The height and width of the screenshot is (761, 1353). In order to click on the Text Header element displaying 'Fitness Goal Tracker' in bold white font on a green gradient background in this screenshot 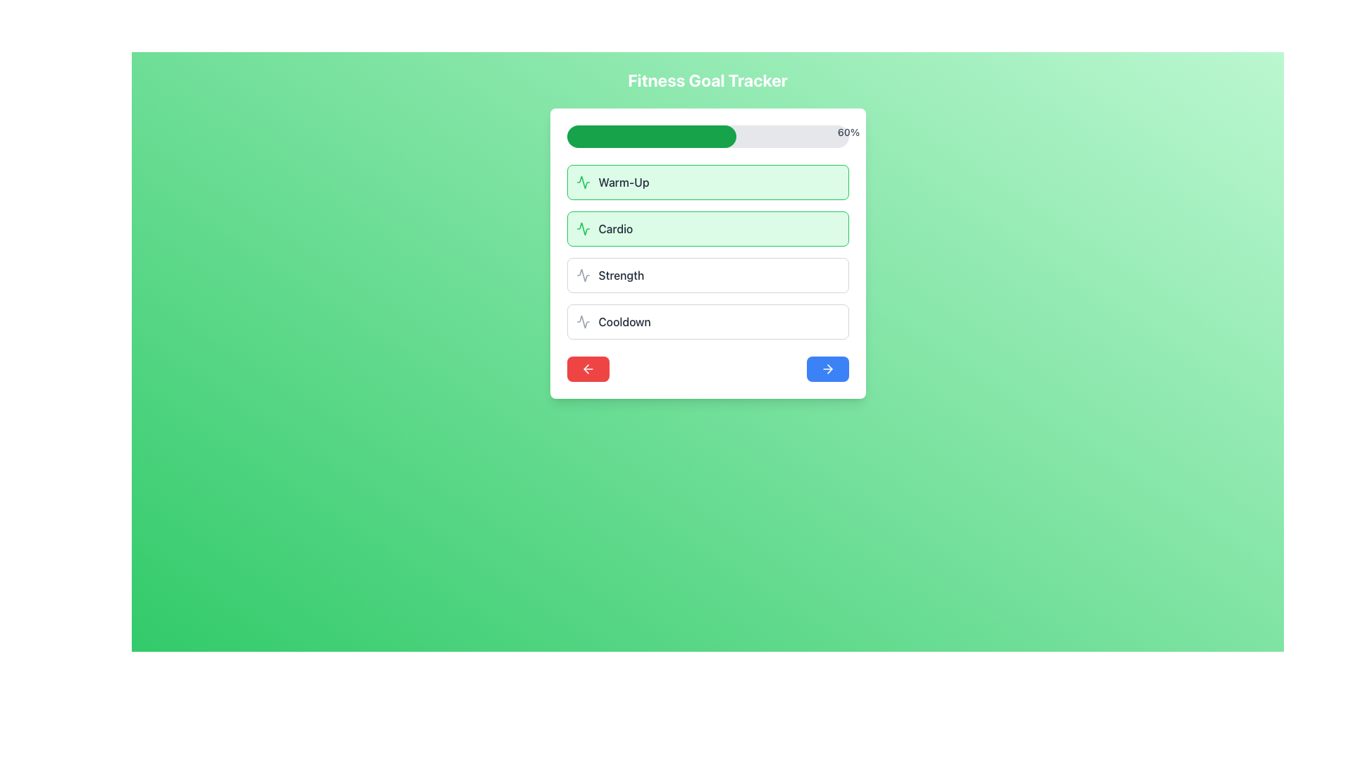, I will do `click(708, 80)`.